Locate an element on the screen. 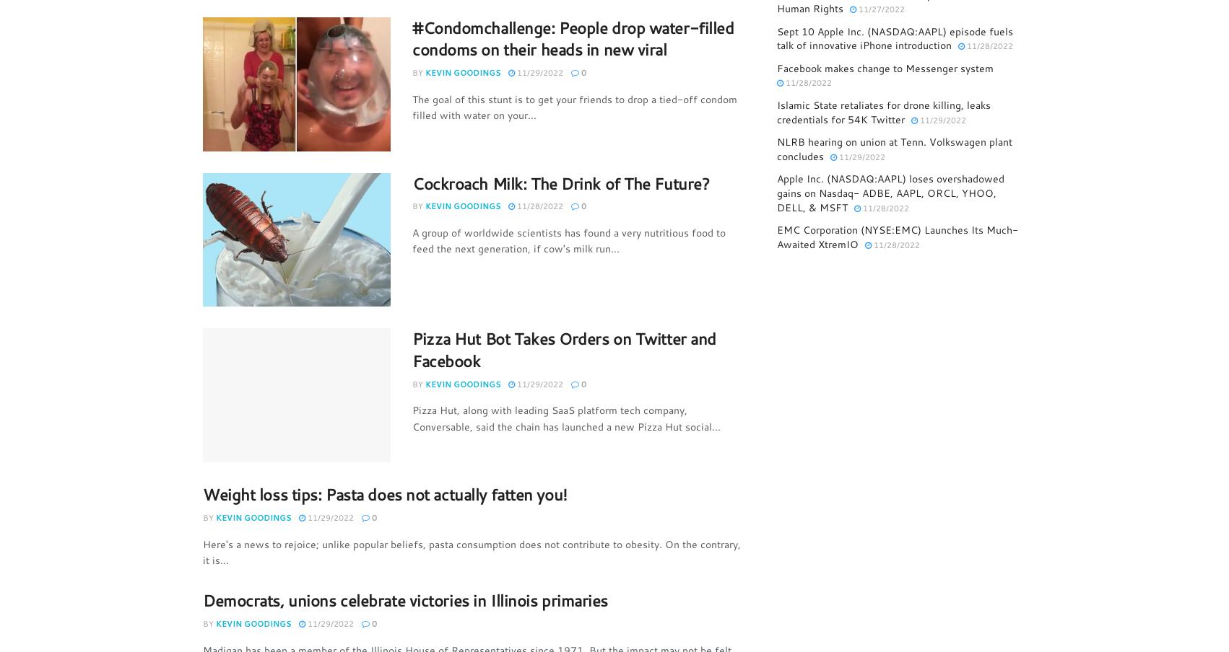 The height and width of the screenshot is (652, 1229). '#Condomchallenge: People drop water-filled condoms on their heads in new viral' is located at coordinates (572, 37).